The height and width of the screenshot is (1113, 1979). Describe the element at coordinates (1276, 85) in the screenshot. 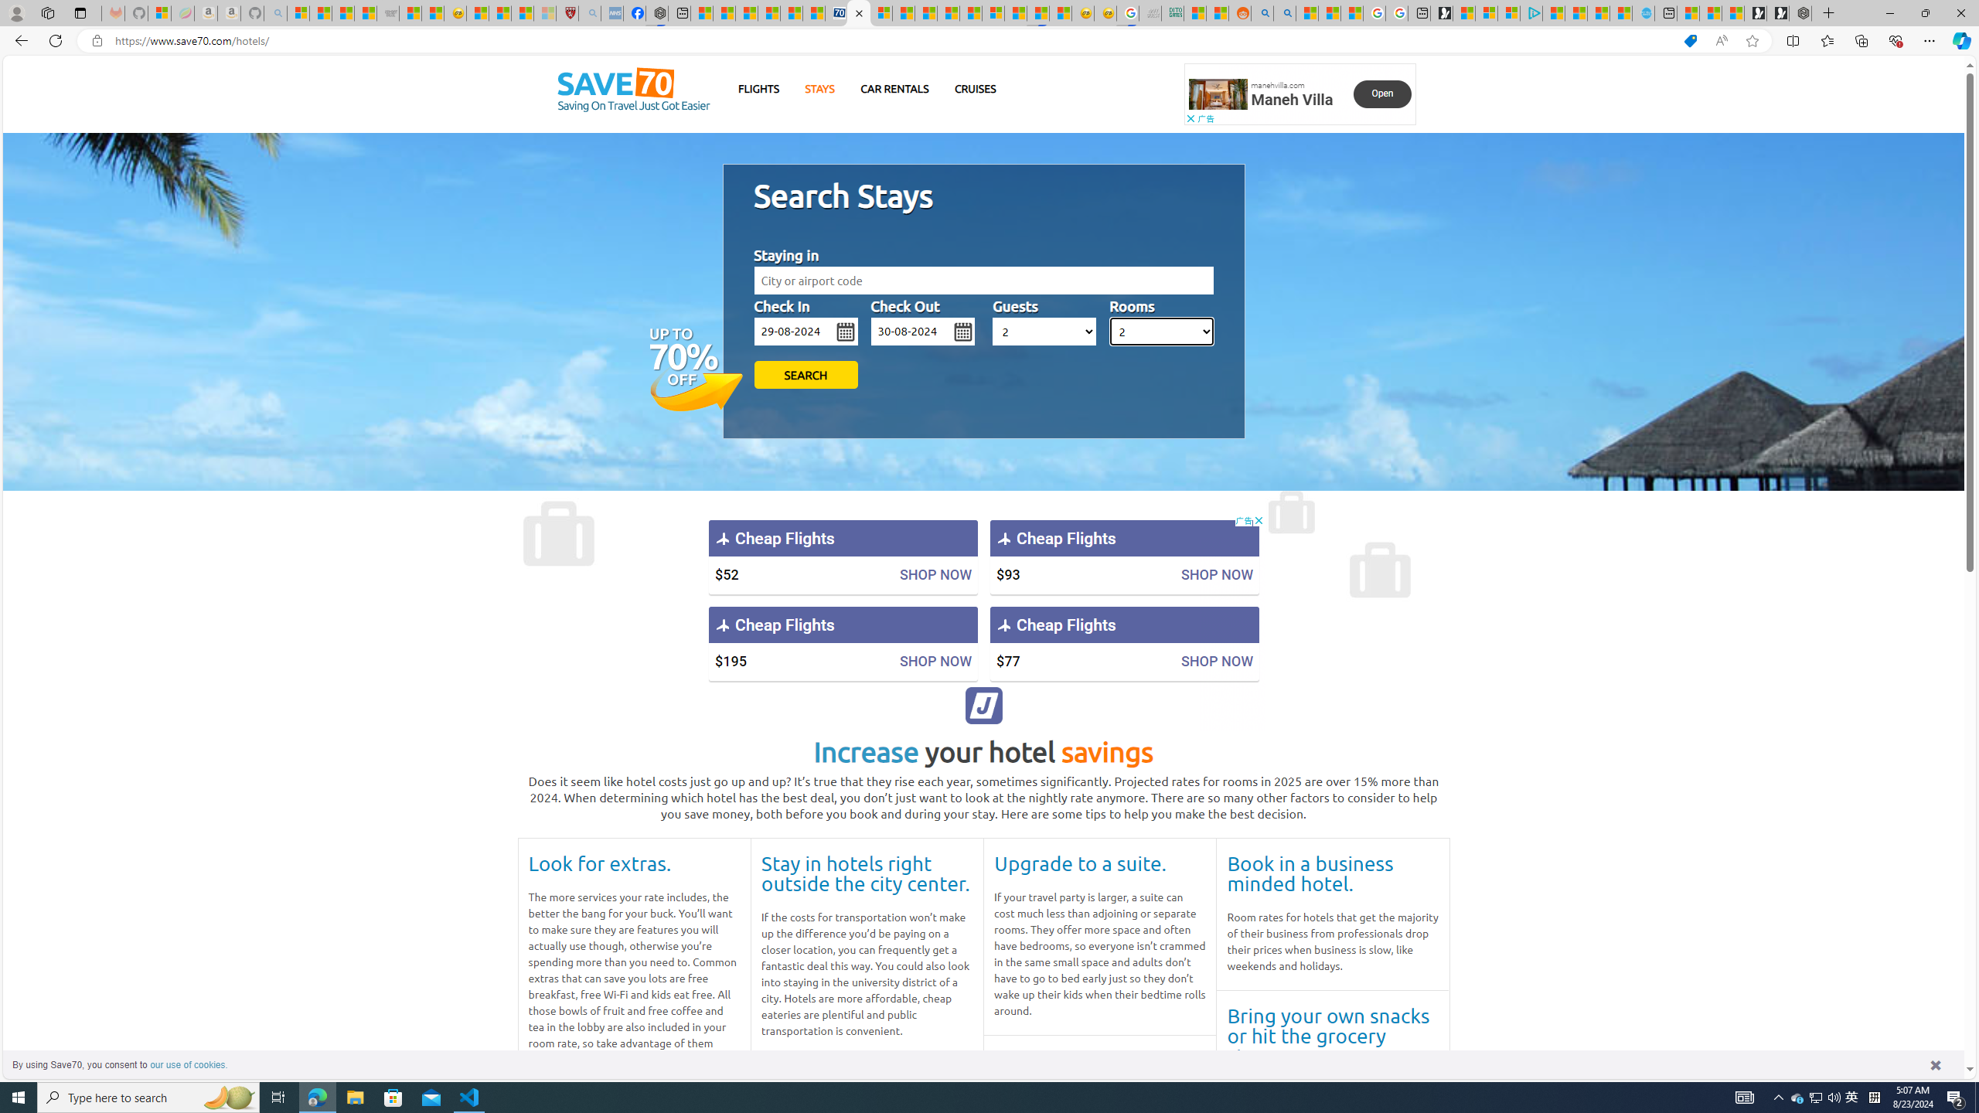

I see `'manehvilla.com'` at that location.